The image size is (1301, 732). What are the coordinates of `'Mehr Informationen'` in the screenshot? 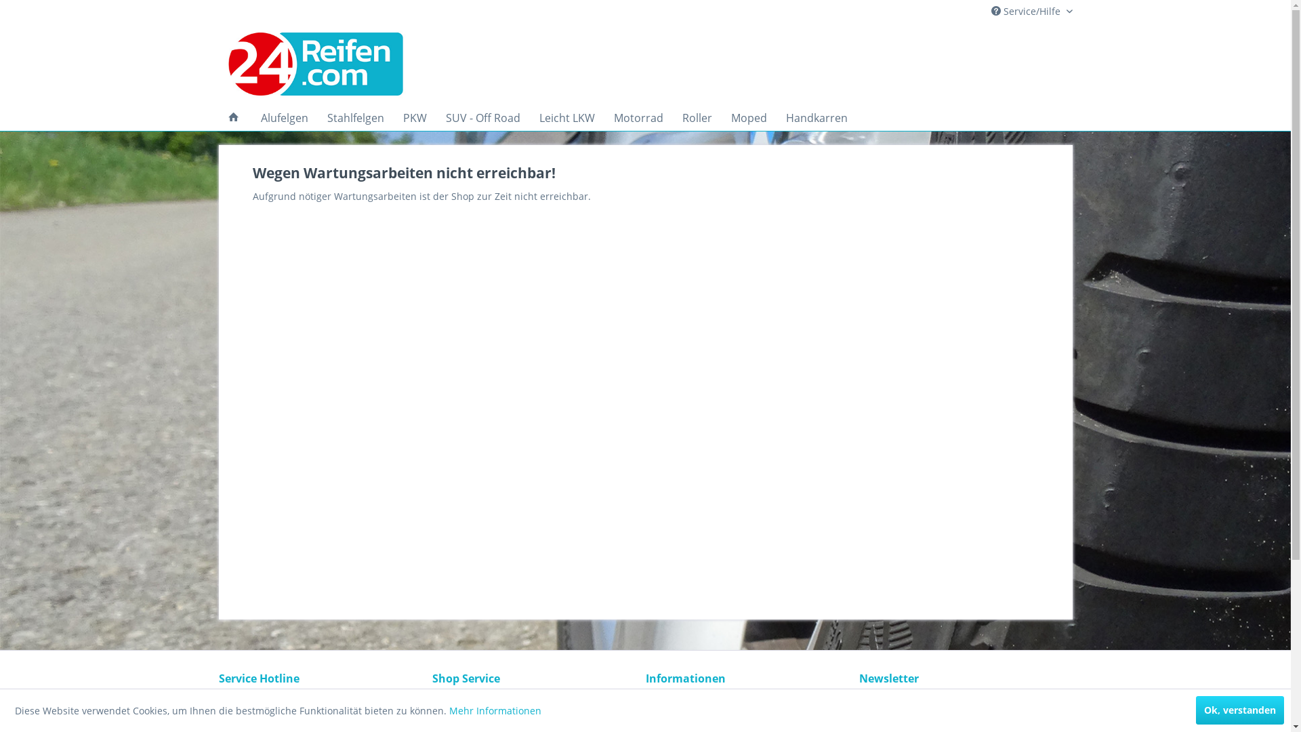 It's located at (494, 710).